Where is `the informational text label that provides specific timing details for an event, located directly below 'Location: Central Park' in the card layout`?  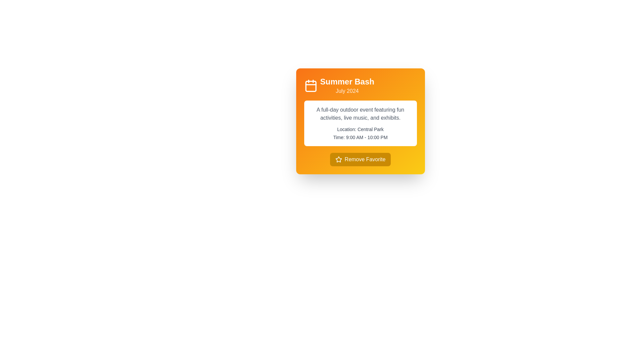 the informational text label that provides specific timing details for an event, located directly below 'Location: Central Park' in the card layout is located at coordinates (360, 137).